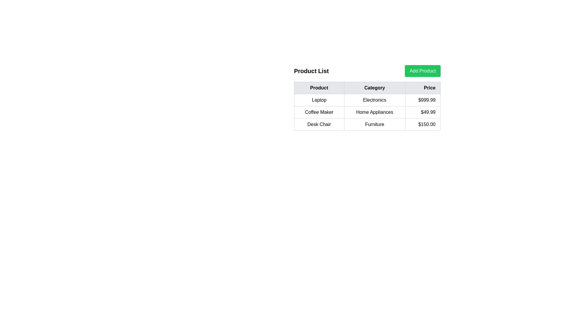 The image size is (572, 321). What do you see at coordinates (422, 124) in the screenshot?
I see `price value for the product 'Desk Chair' located in the third row of the table under the 'Price' column` at bounding box center [422, 124].